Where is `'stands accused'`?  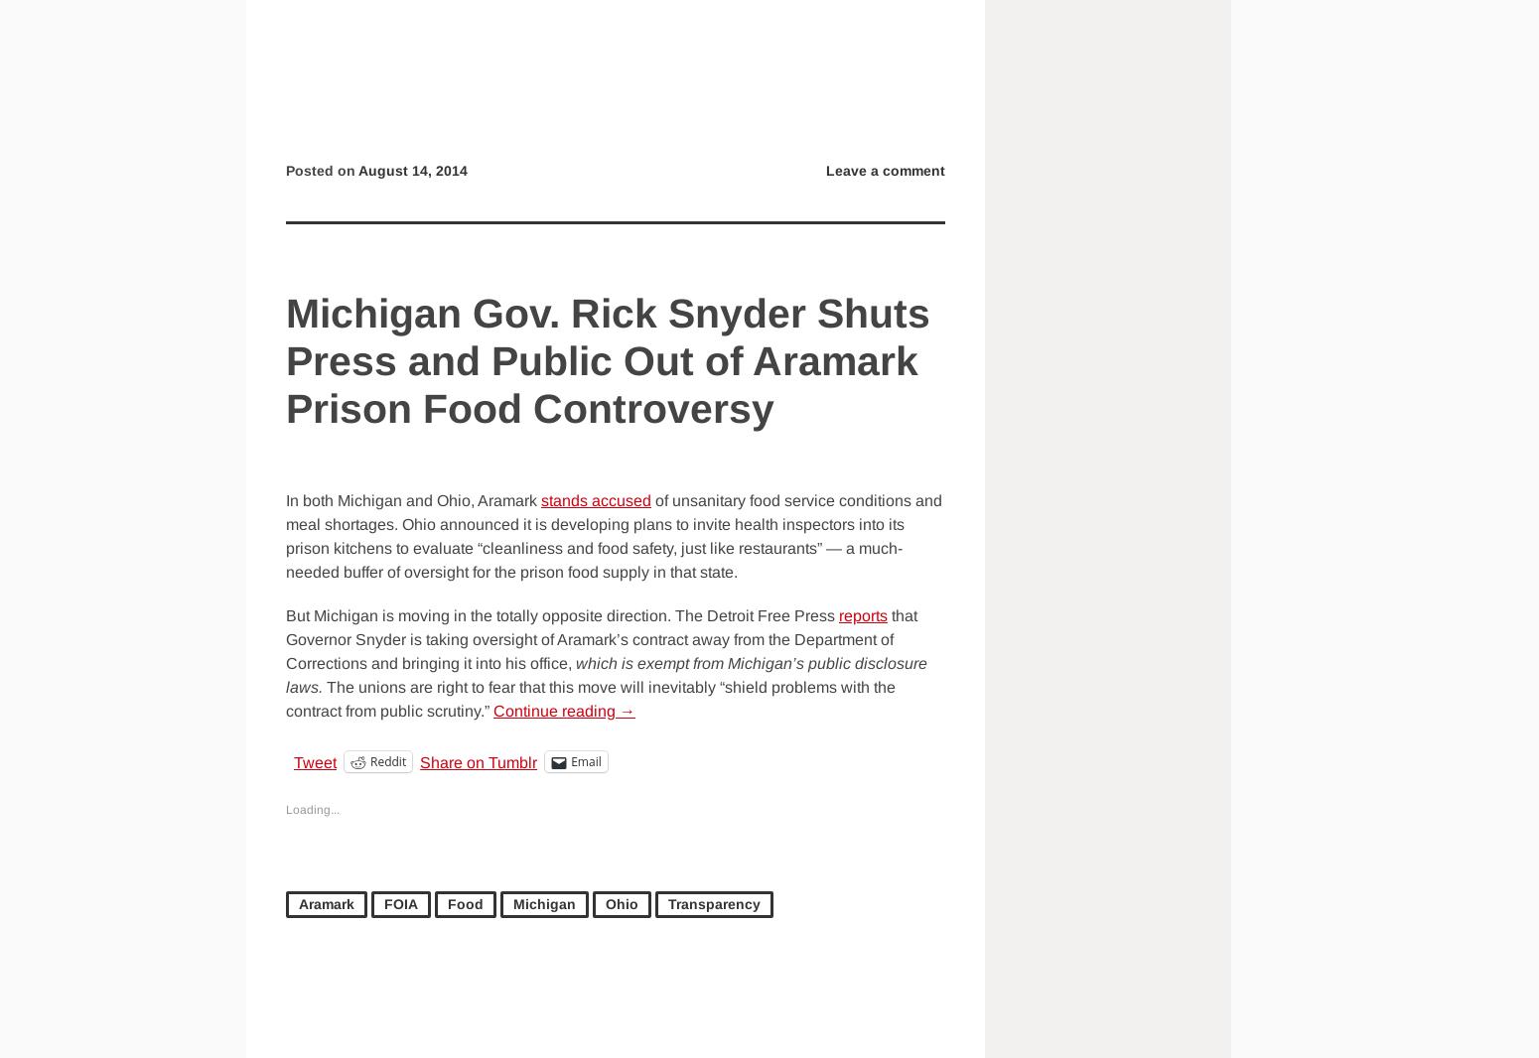
'stands accused' is located at coordinates (596, 500).